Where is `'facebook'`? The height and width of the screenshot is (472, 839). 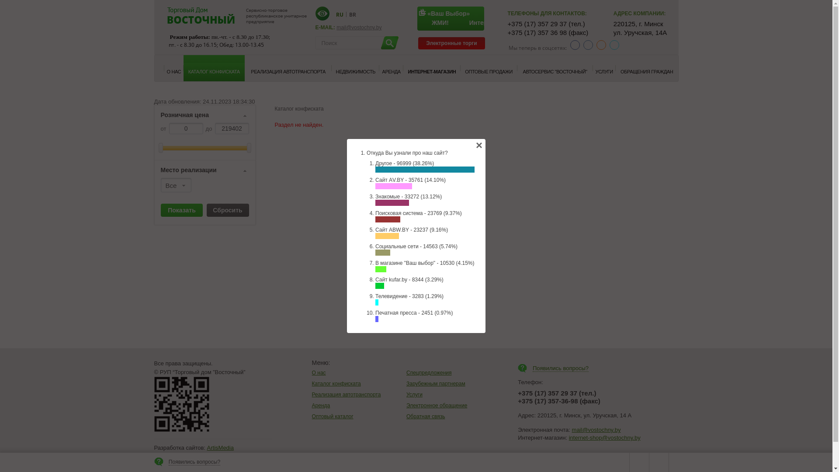 'facebook' is located at coordinates (575, 45).